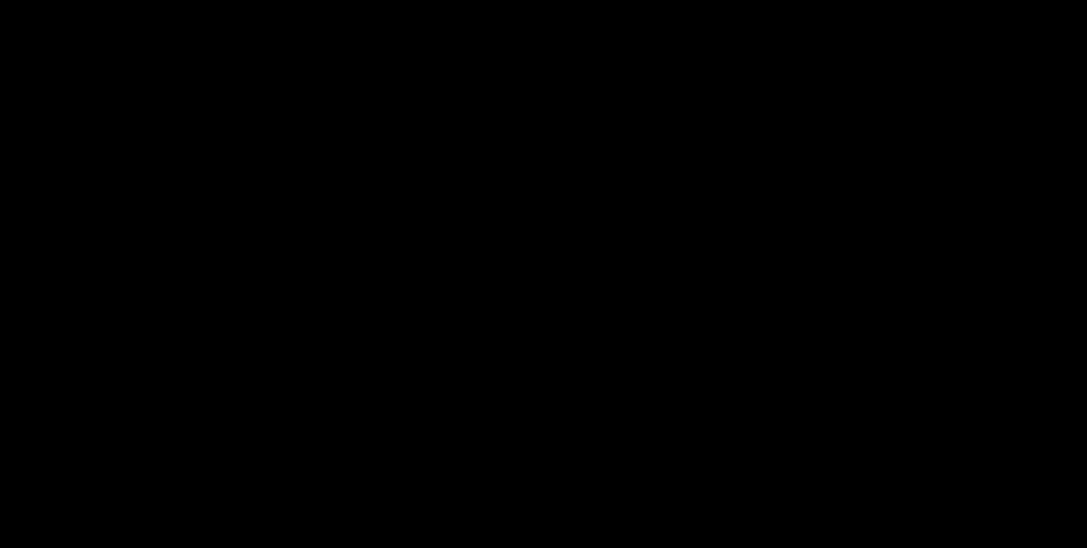 The width and height of the screenshot is (1087, 548). I want to click on 'Submit', so click(543, 267).